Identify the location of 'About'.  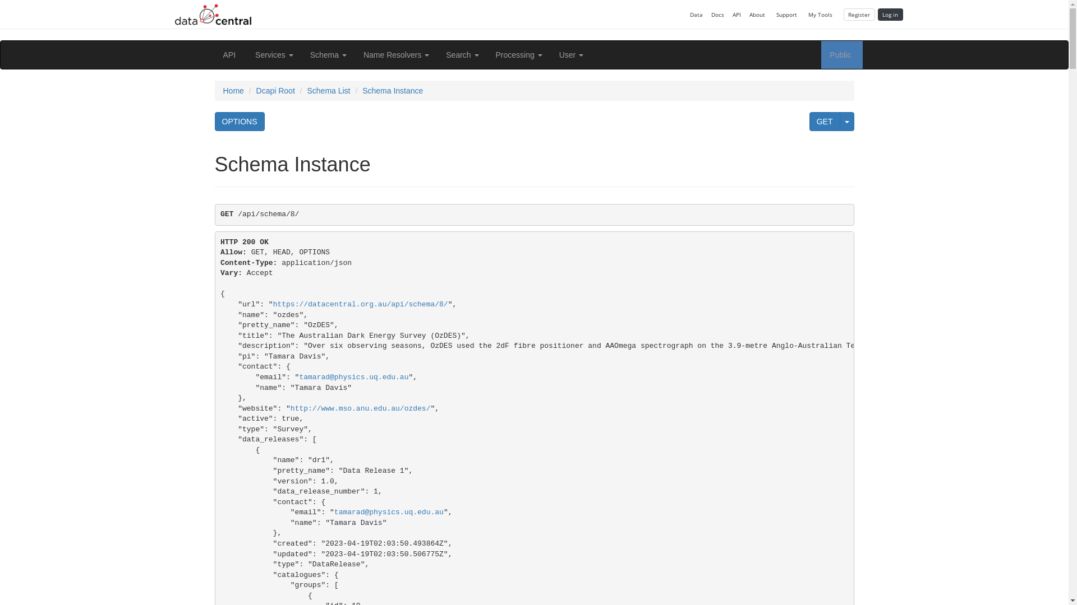
(758, 15).